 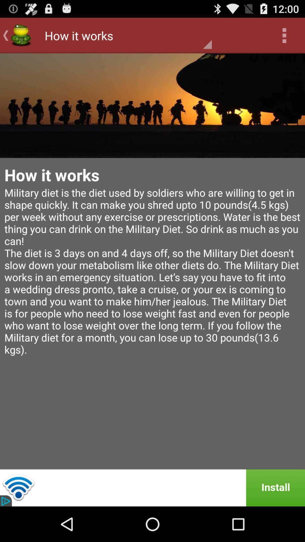 What do you see at coordinates (152, 488) in the screenshot?
I see `open advertisement` at bounding box center [152, 488].